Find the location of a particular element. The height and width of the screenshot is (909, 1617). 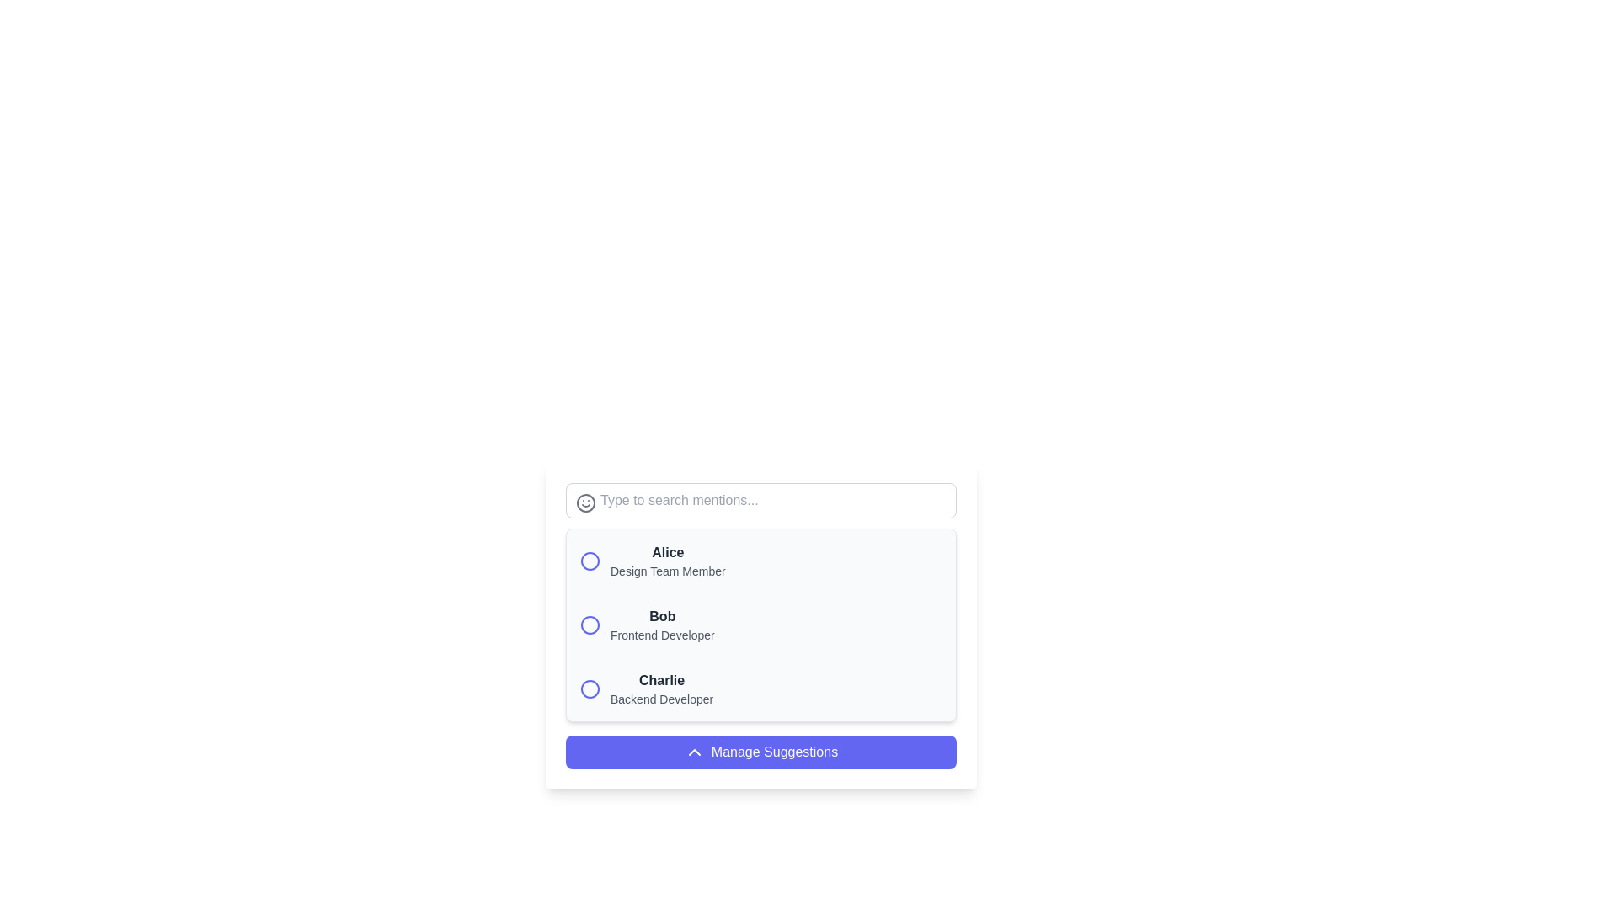

the decorative icon positioned to the left of the text 'Alice' and 'Design Team Member' in the first item of the vertically stacked list is located at coordinates (590, 561).